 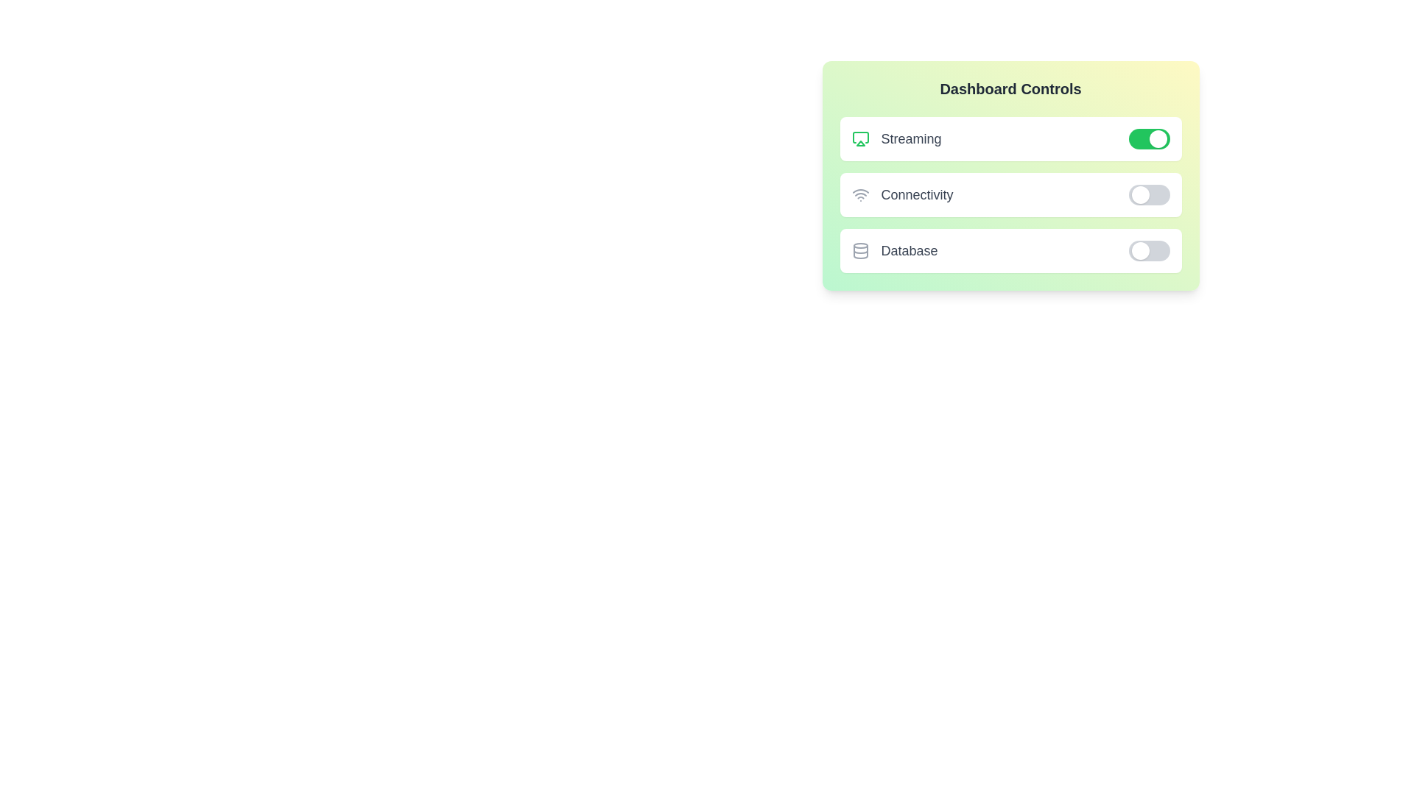 I want to click on the 'Streaming' widget's switch to toggle its state, so click(x=1148, y=139).